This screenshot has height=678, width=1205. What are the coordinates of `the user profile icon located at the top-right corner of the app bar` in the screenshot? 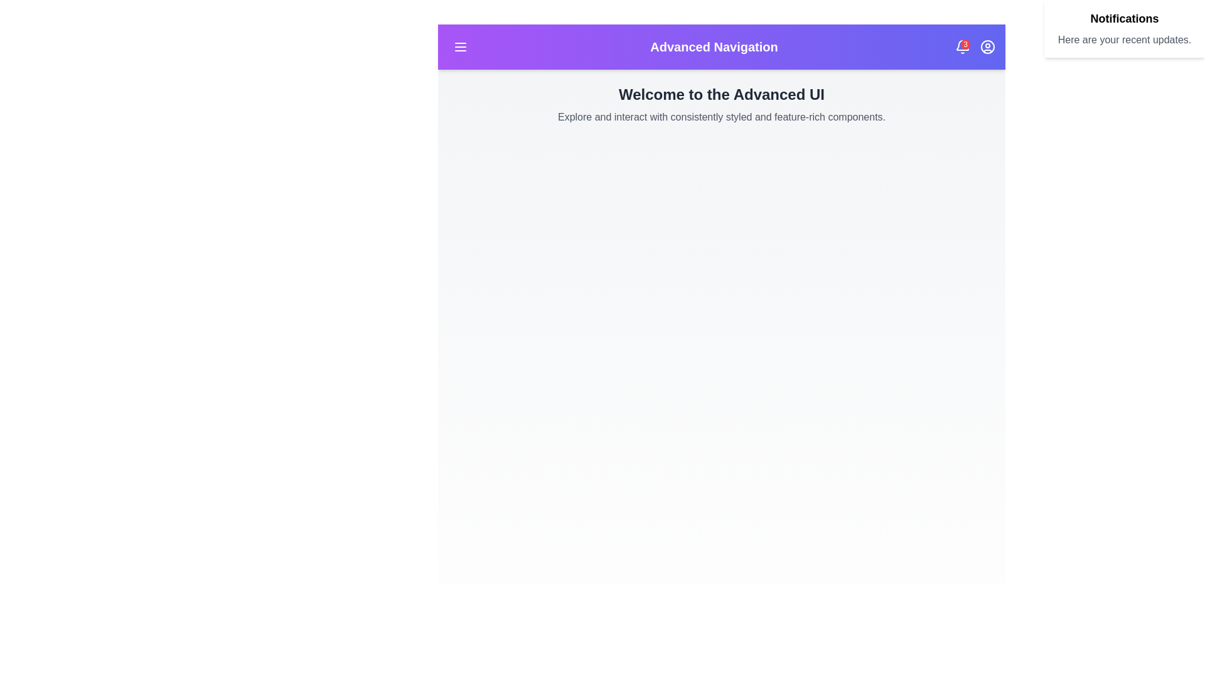 It's located at (987, 46).